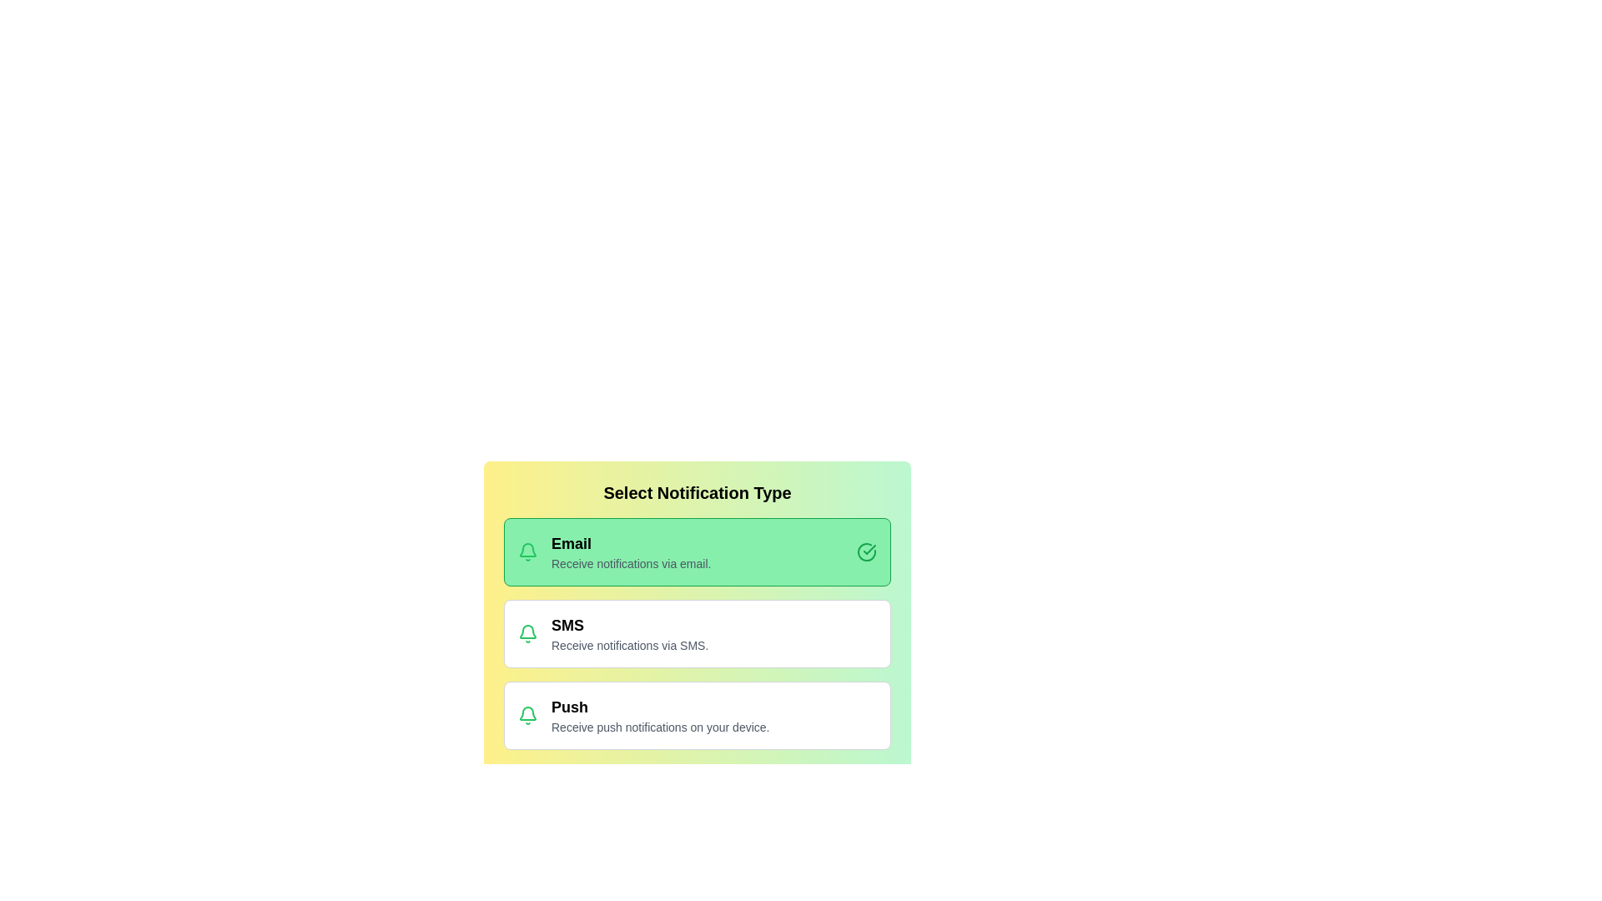 The width and height of the screenshot is (1602, 901). Describe the element at coordinates (527, 714) in the screenshot. I see `the notification bell icon representing the option for receiving push notifications located beside the 'Push' title` at that location.